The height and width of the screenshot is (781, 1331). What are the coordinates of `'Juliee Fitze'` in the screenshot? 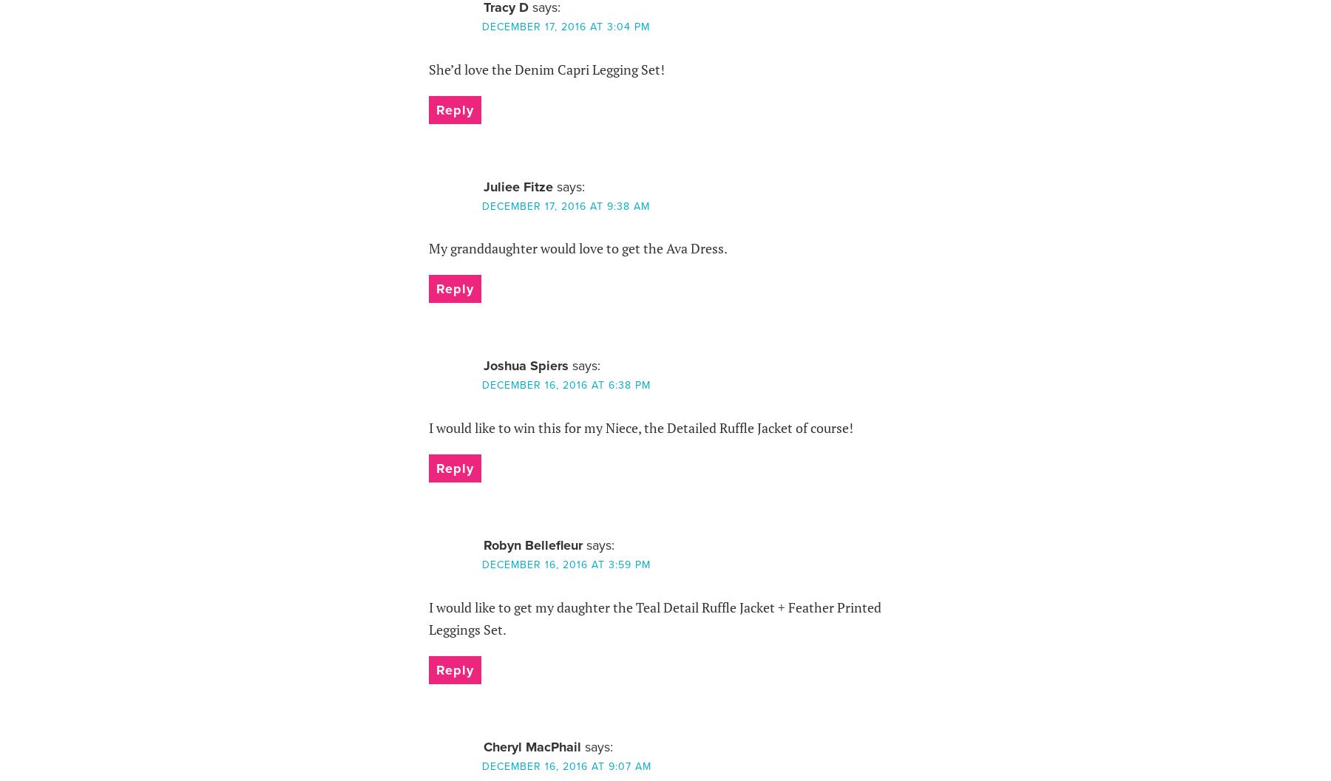 It's located at (517, 185).